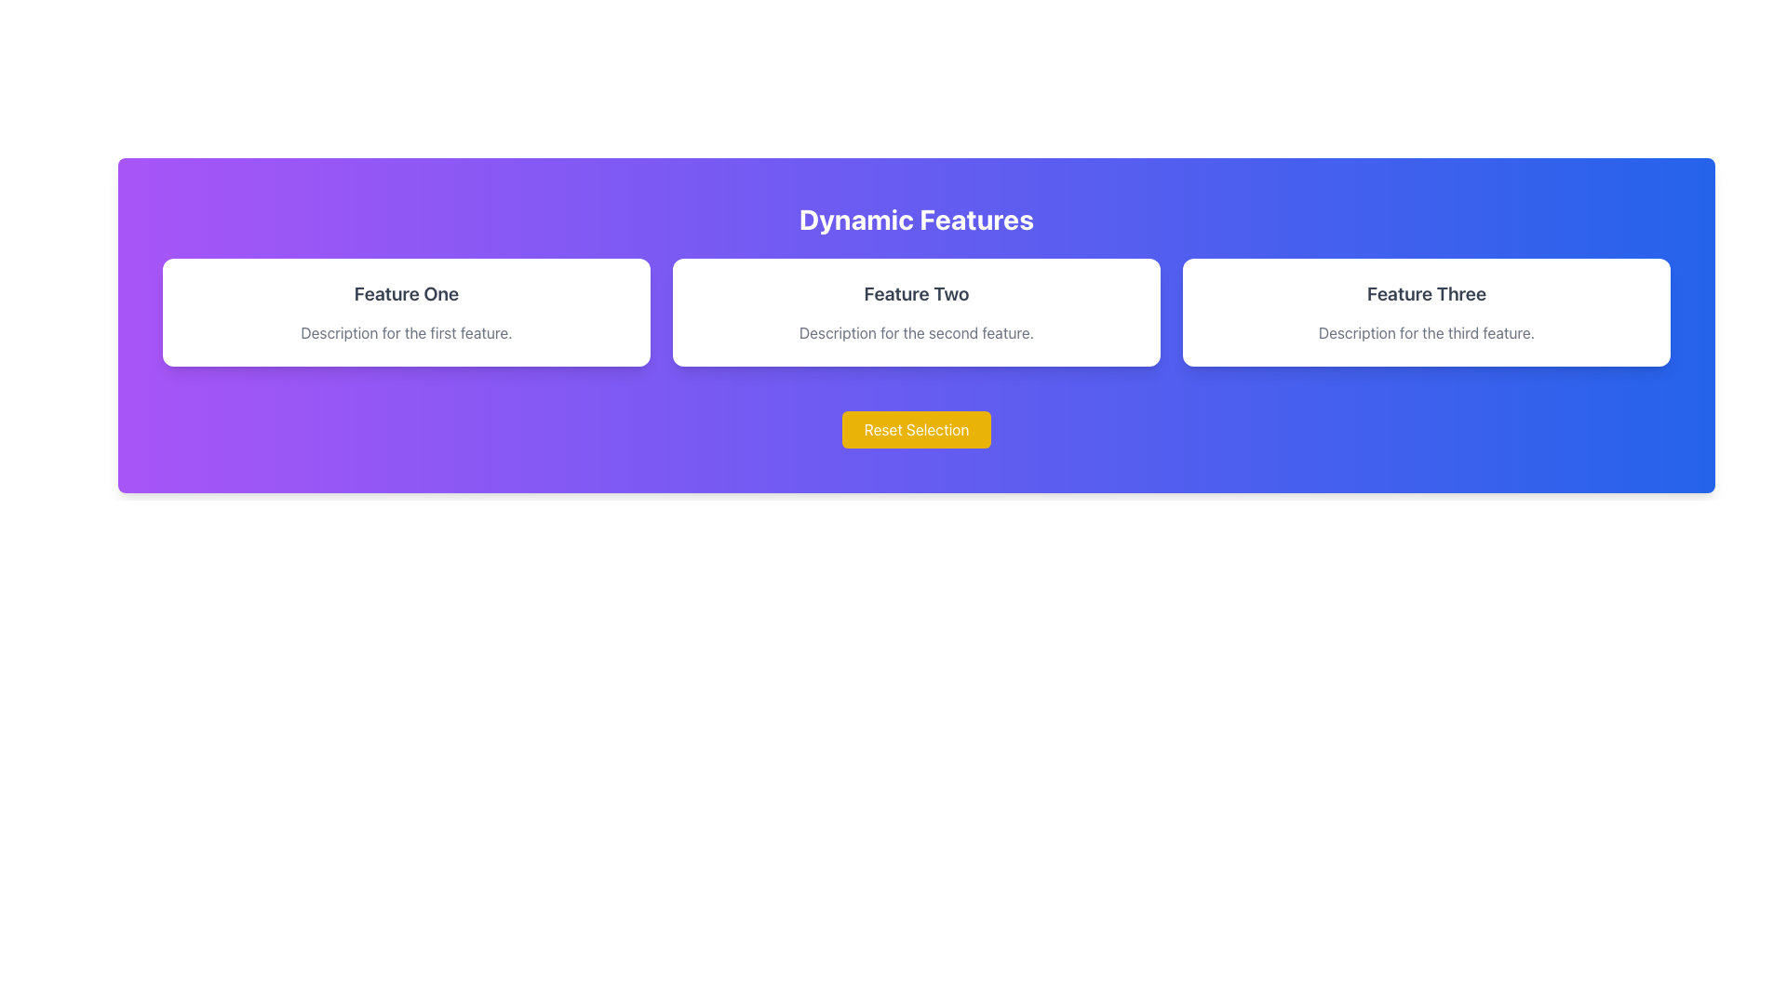 The height and width of the screenshot is (1005, 1787). Describe the element at coordinates (1425, 293) in the screenshot. I see `the title text located at the top-center of the rightmost card in a three-column layout, which serves as a label for the card's content` at that location.